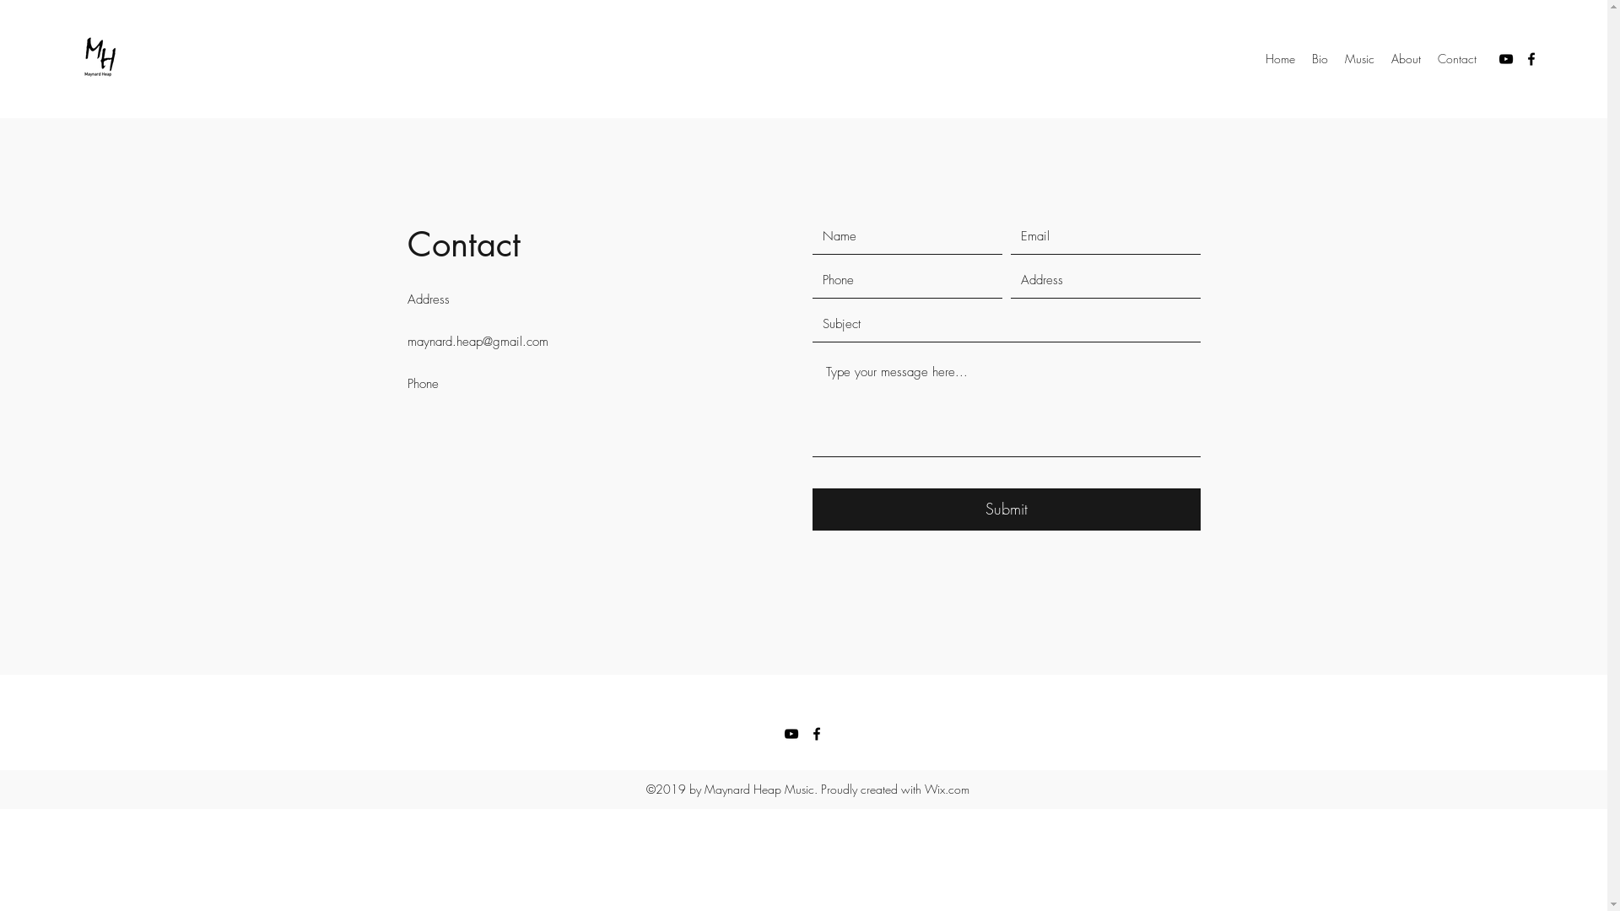 This screenshot has height=911, width=1620. What do you see at coordinates (1280, 57) in the screenshot?
I see `'Home'` at bounding box center [1280, 57].